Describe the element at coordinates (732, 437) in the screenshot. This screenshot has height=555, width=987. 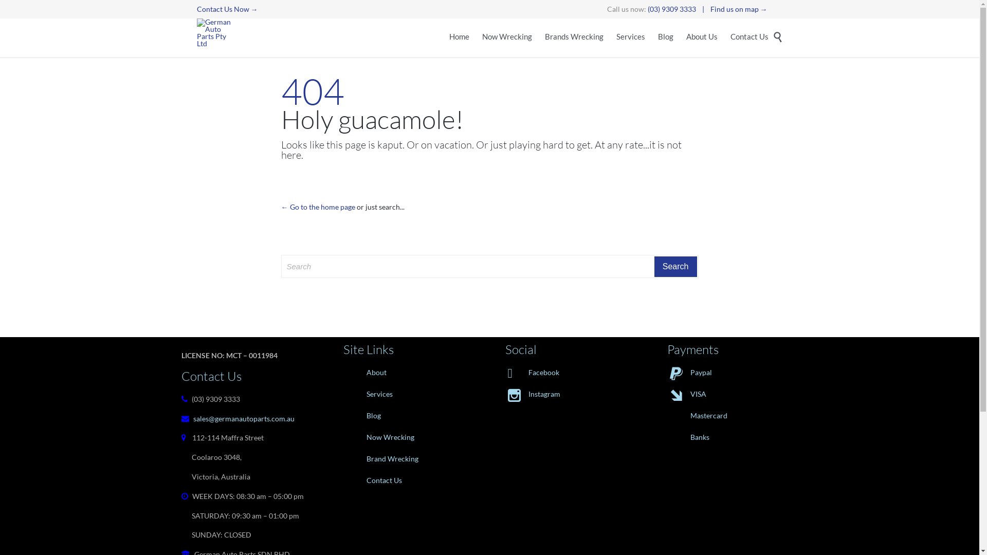
I see `'Banks'` at that location.